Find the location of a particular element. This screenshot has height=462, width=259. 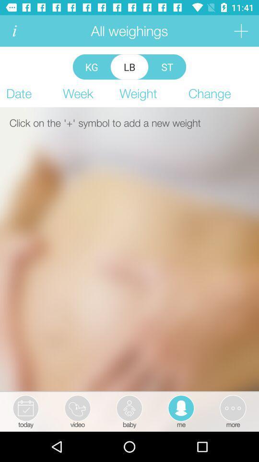

item above the week item is located at coordinates (129, 66).